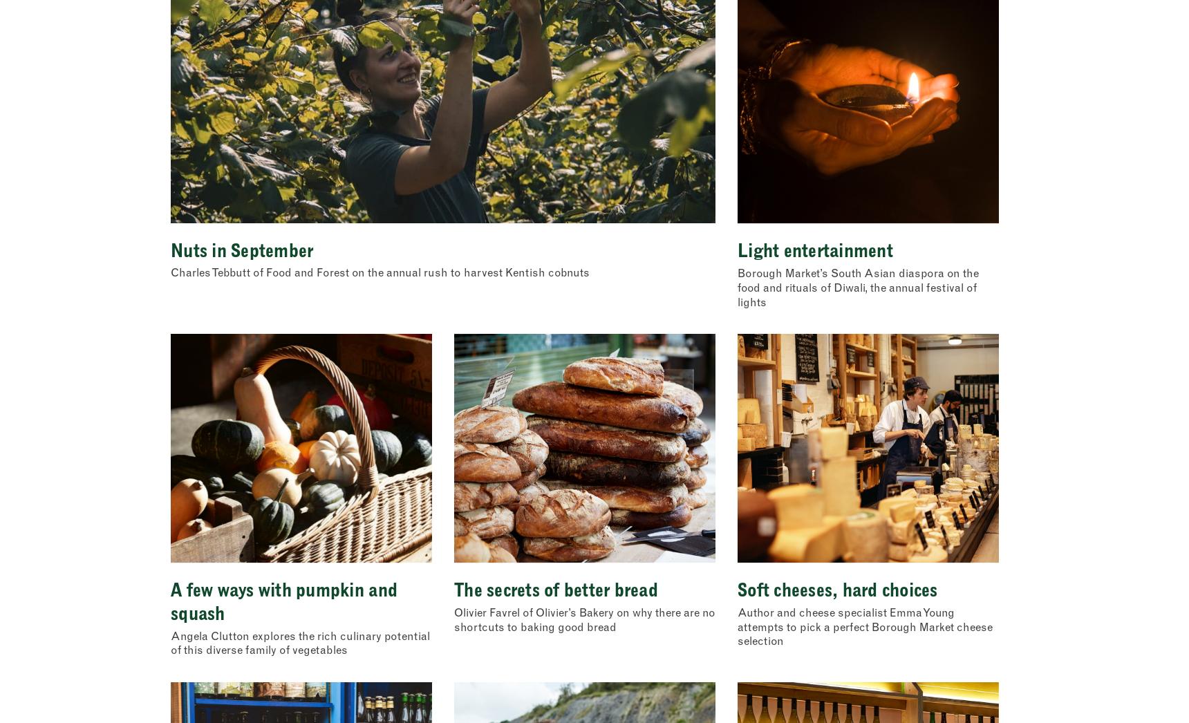 This screenshot has width=1189, height=723. I want to click on 'Show details', so click(927, 599).